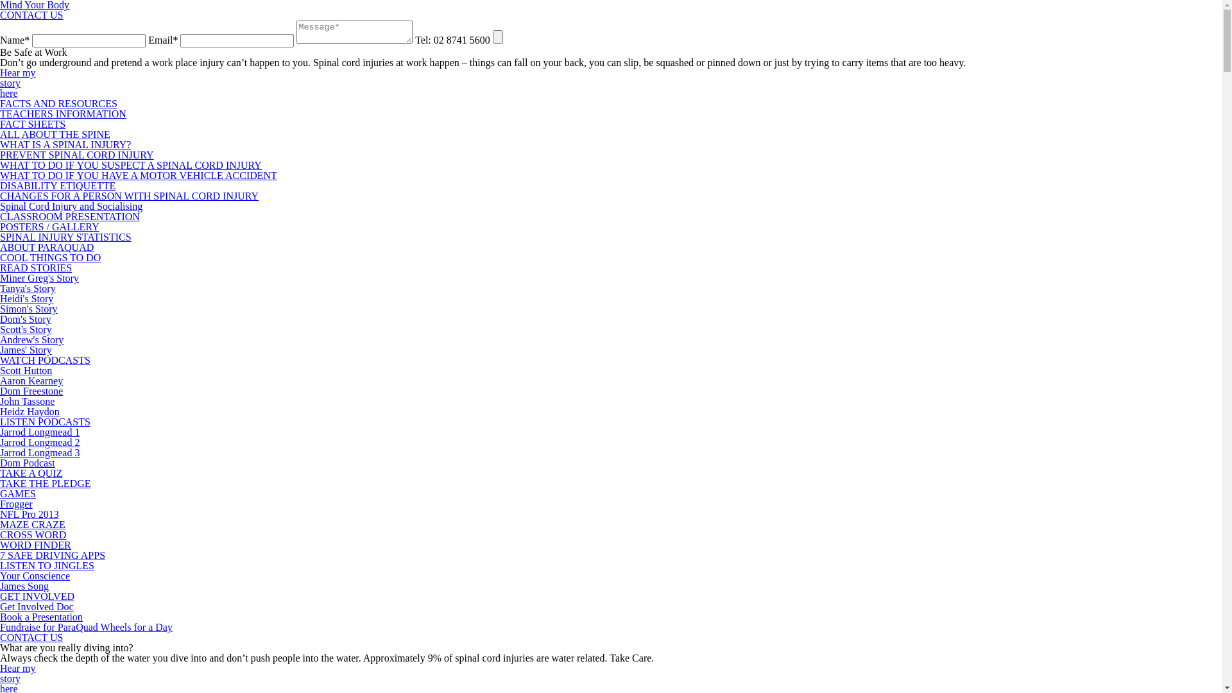 The image size is (1232, 693). I want to click on 'READ STORIES', so click(36, 267).